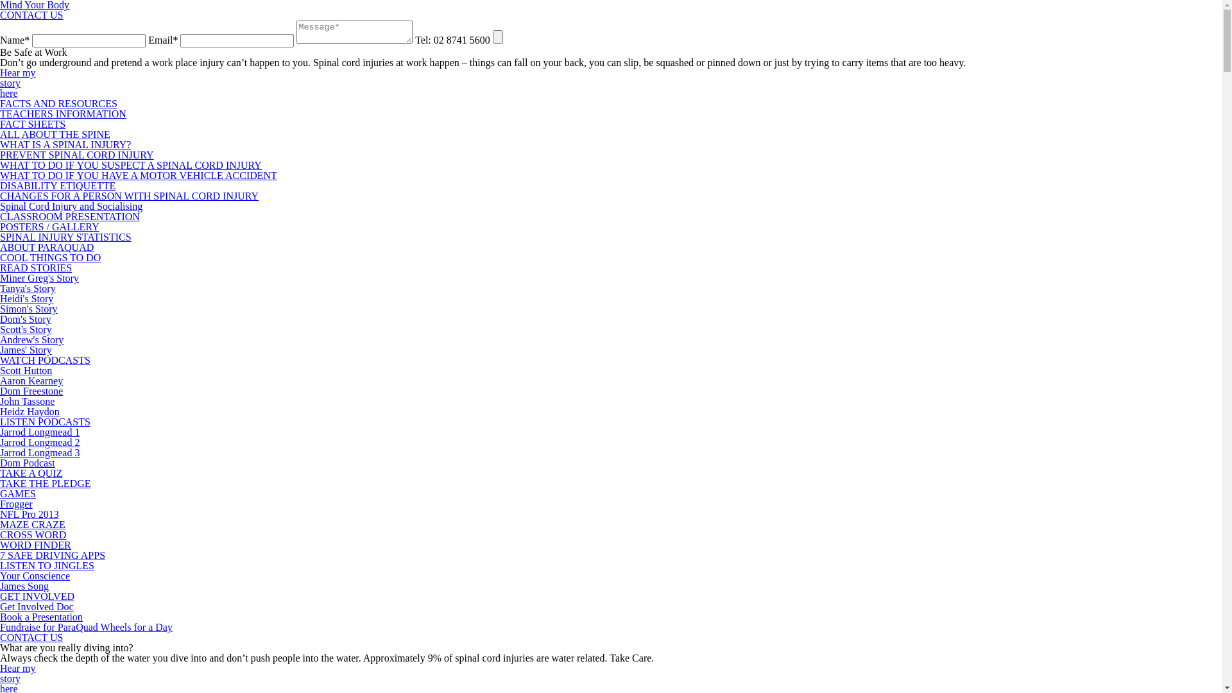 The image size is (1232, 693). I want to click on 'READ STORIES', so click(36, 267).